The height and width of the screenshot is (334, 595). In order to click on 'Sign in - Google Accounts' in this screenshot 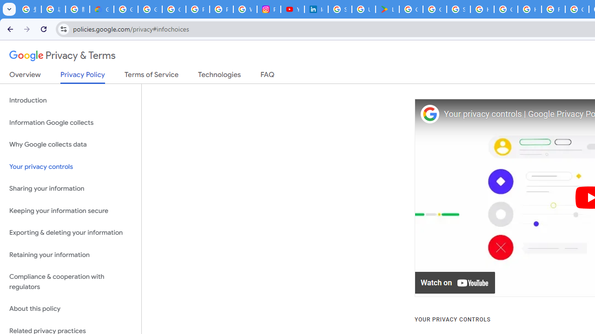, I will do `click(339, 9)`.